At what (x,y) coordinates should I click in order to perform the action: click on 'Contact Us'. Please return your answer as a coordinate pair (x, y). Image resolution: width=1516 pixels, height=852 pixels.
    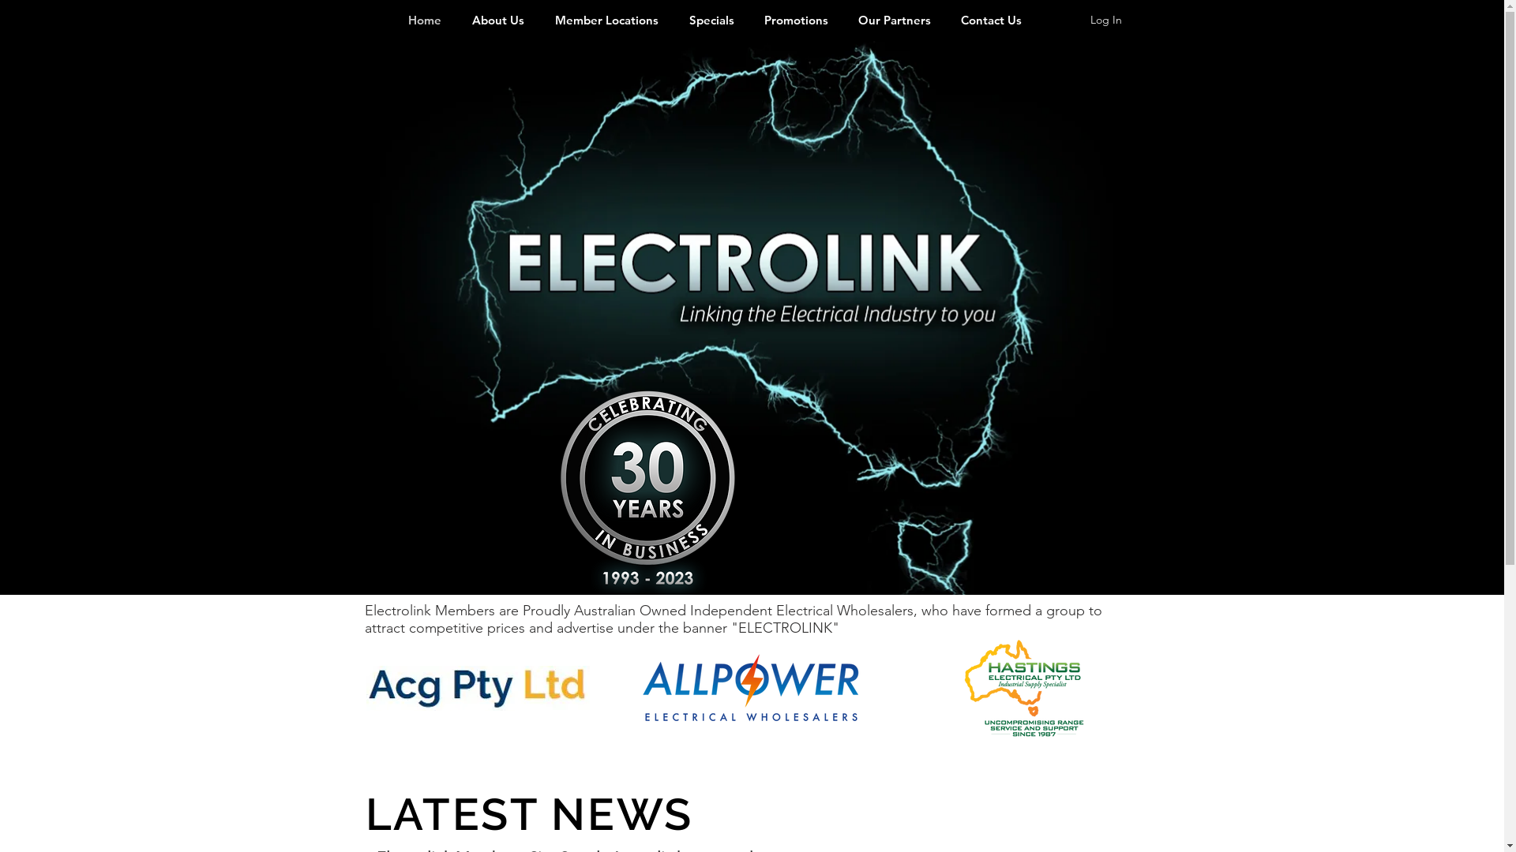
    Looking at the image, I should click on (990, 20).